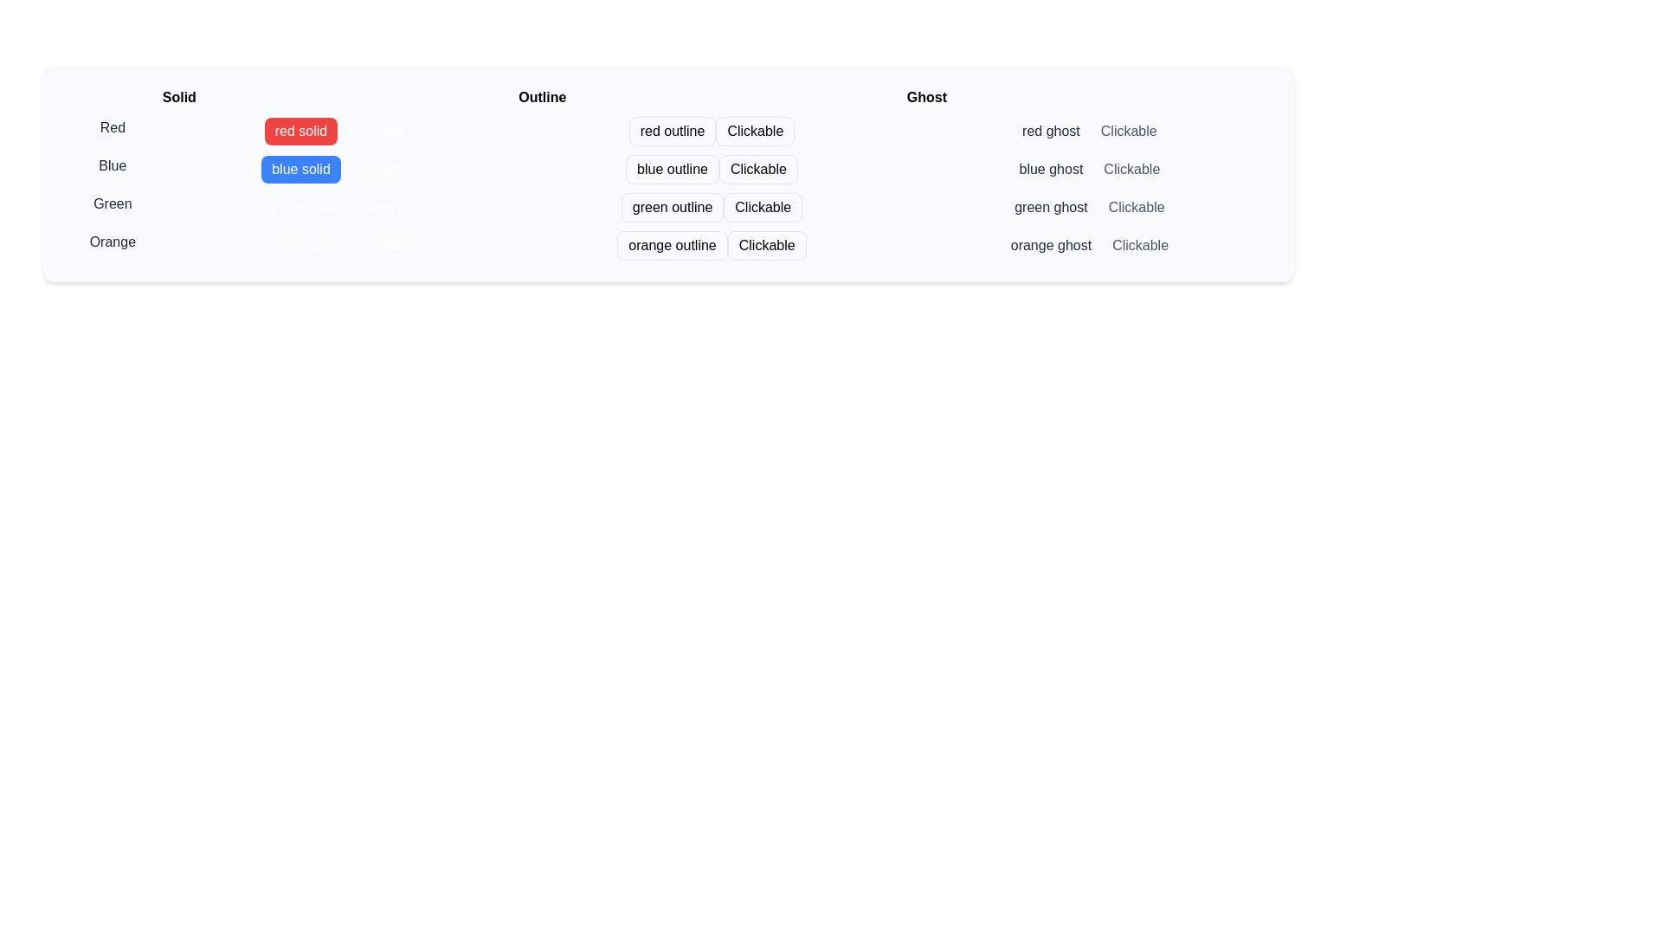 The image size is (1662, 935). I want to click on the 'blue solid' button located under the 'Solid' header, positioned between the 'red solid' and 'green solid' buttons, so click(339, 166).